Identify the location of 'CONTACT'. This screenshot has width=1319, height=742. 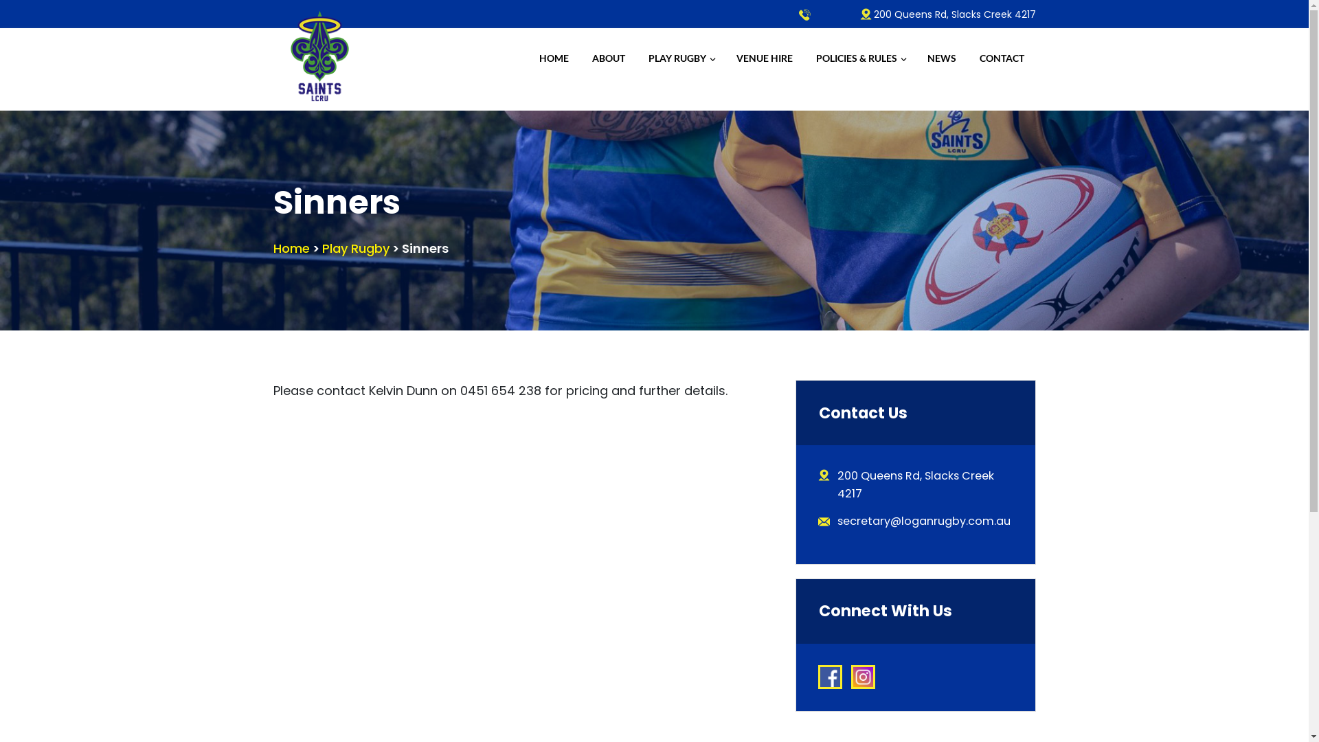
(1001, 57).